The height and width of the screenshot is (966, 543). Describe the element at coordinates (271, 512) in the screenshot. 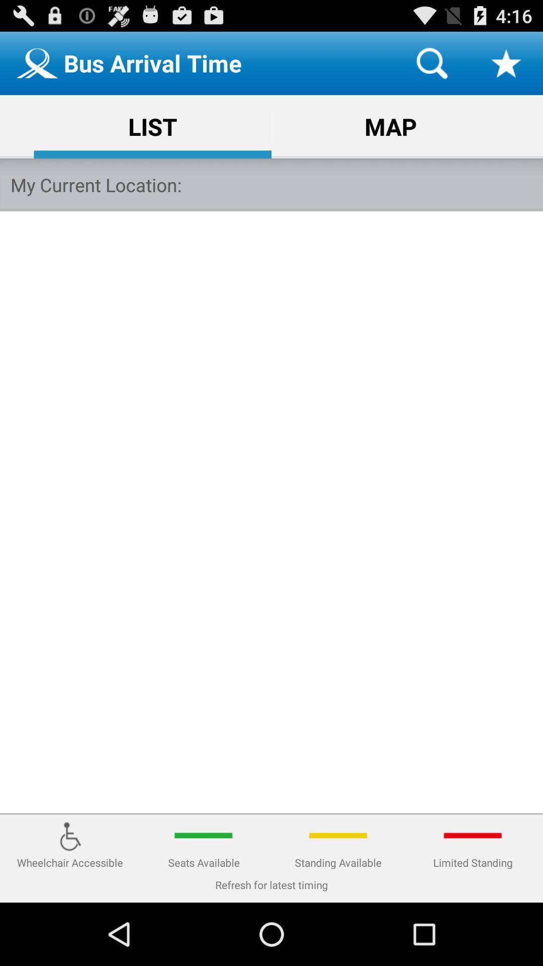

I see `the icon below my current location: item` at that location.